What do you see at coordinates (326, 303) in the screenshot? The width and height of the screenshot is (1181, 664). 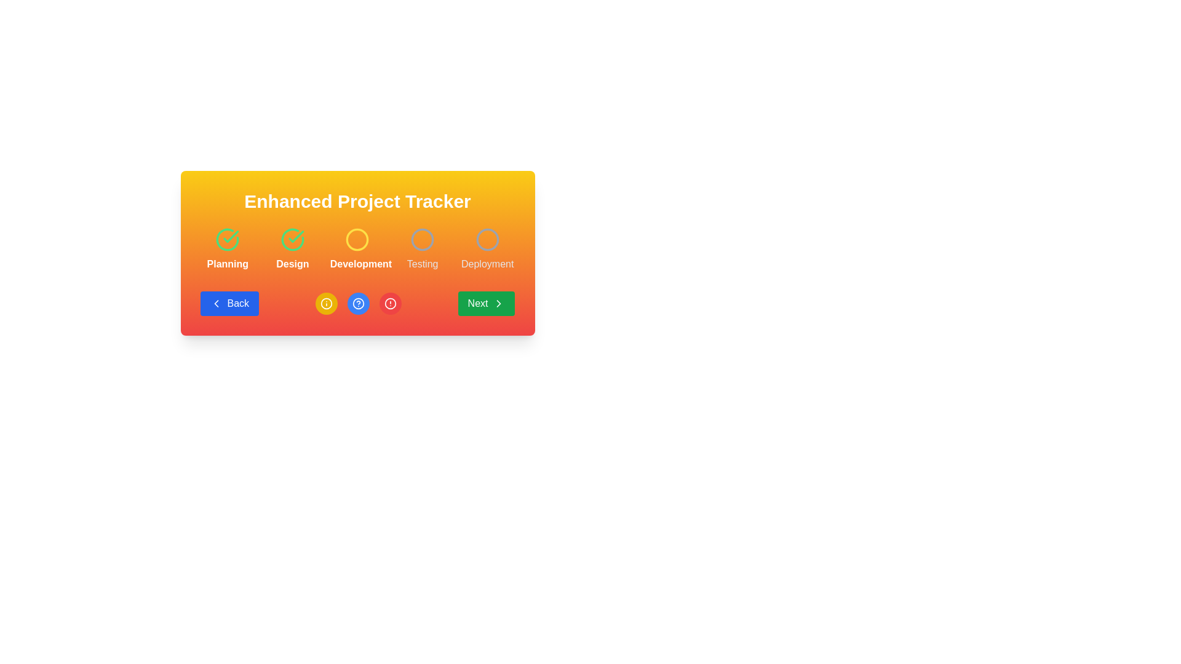 I see `the yellow circular button with a white center and an information icon located at the bottom of the card` at bounding box center [326, 303].